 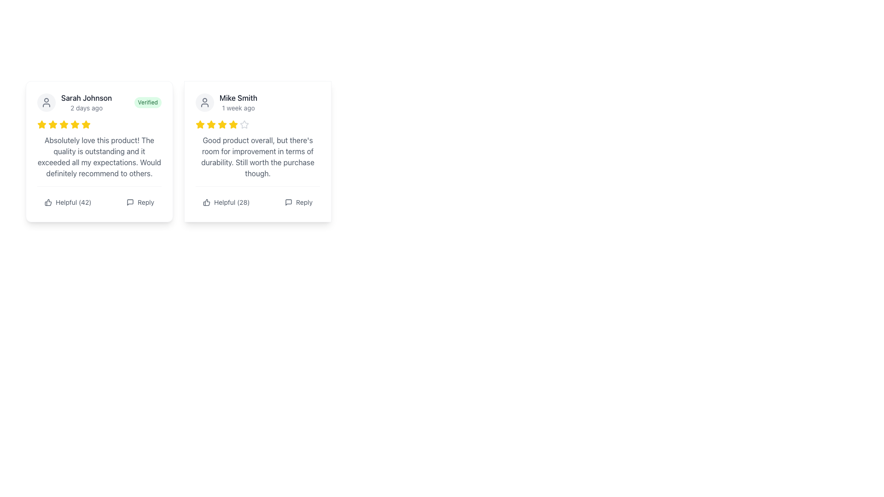 What do you see at coordinates (87, 103) in the screenshot?
I see `the Text display that shows the reviewer's name and the time elapsed since their review was posted, located at the top-left corner of the review card in the first column` at bounding box center [87, 103].